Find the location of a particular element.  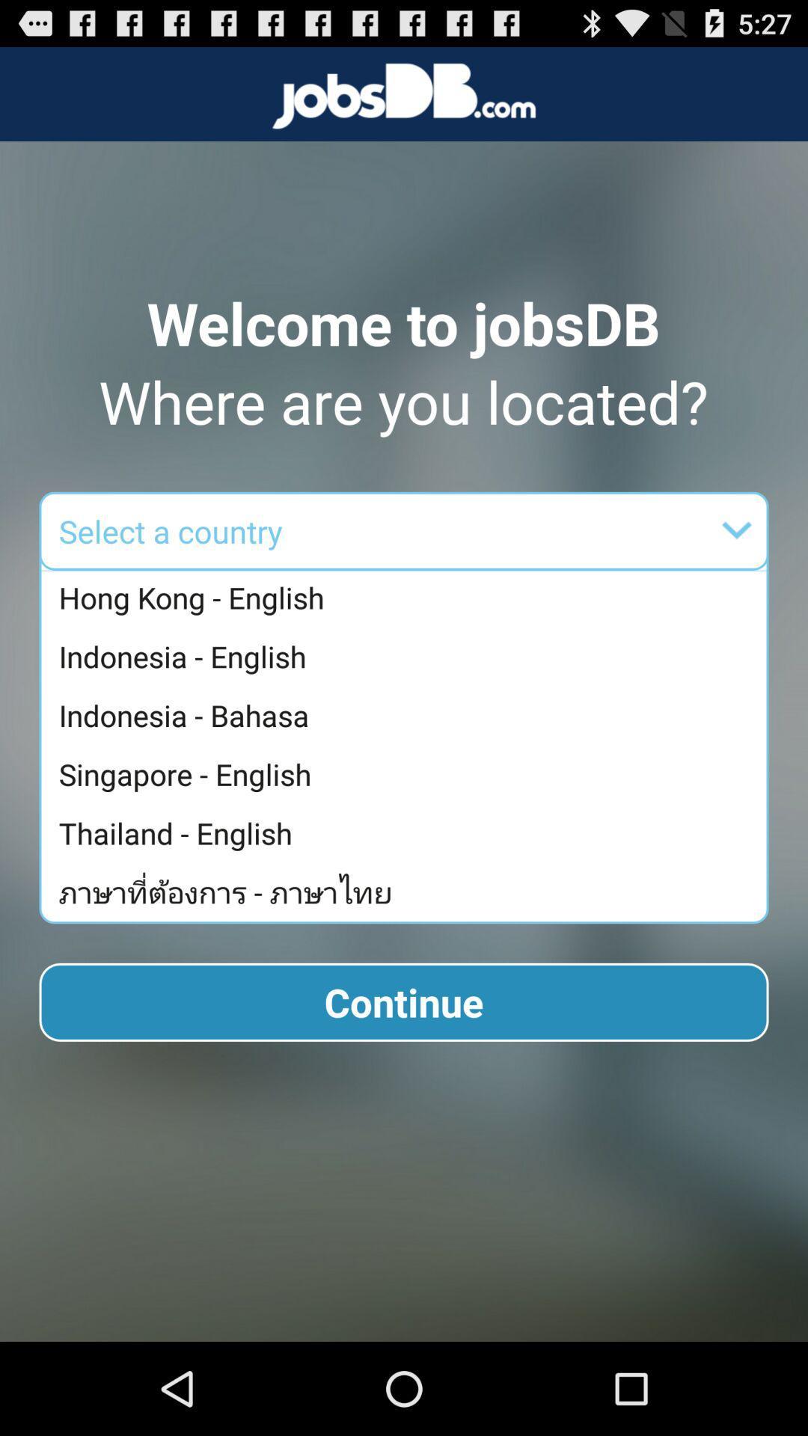

hong kong - english item is located at coordinates (408, 598).